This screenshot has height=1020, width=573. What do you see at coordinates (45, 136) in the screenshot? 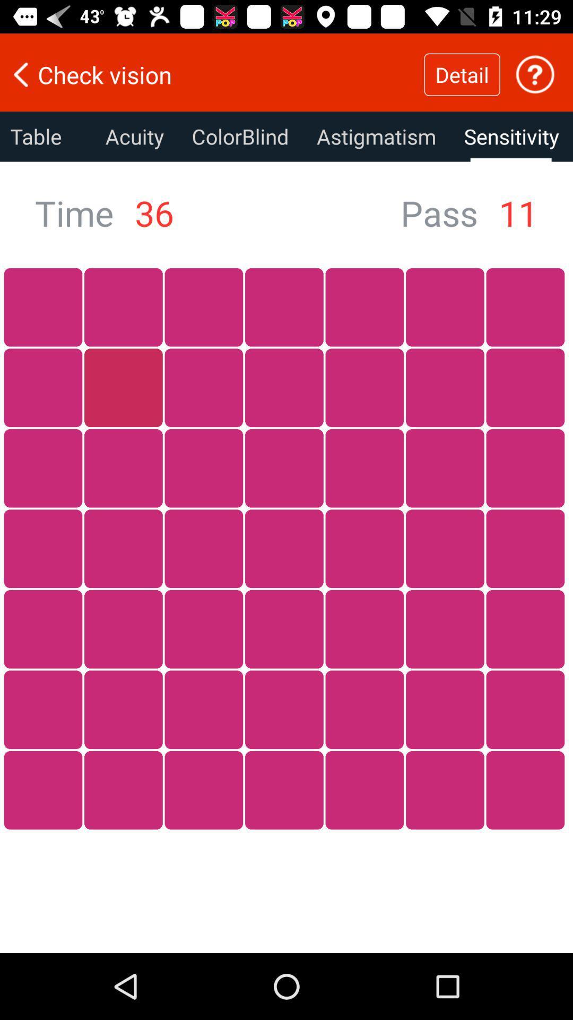
I see `item above the time` at bounding box center [45, 136].